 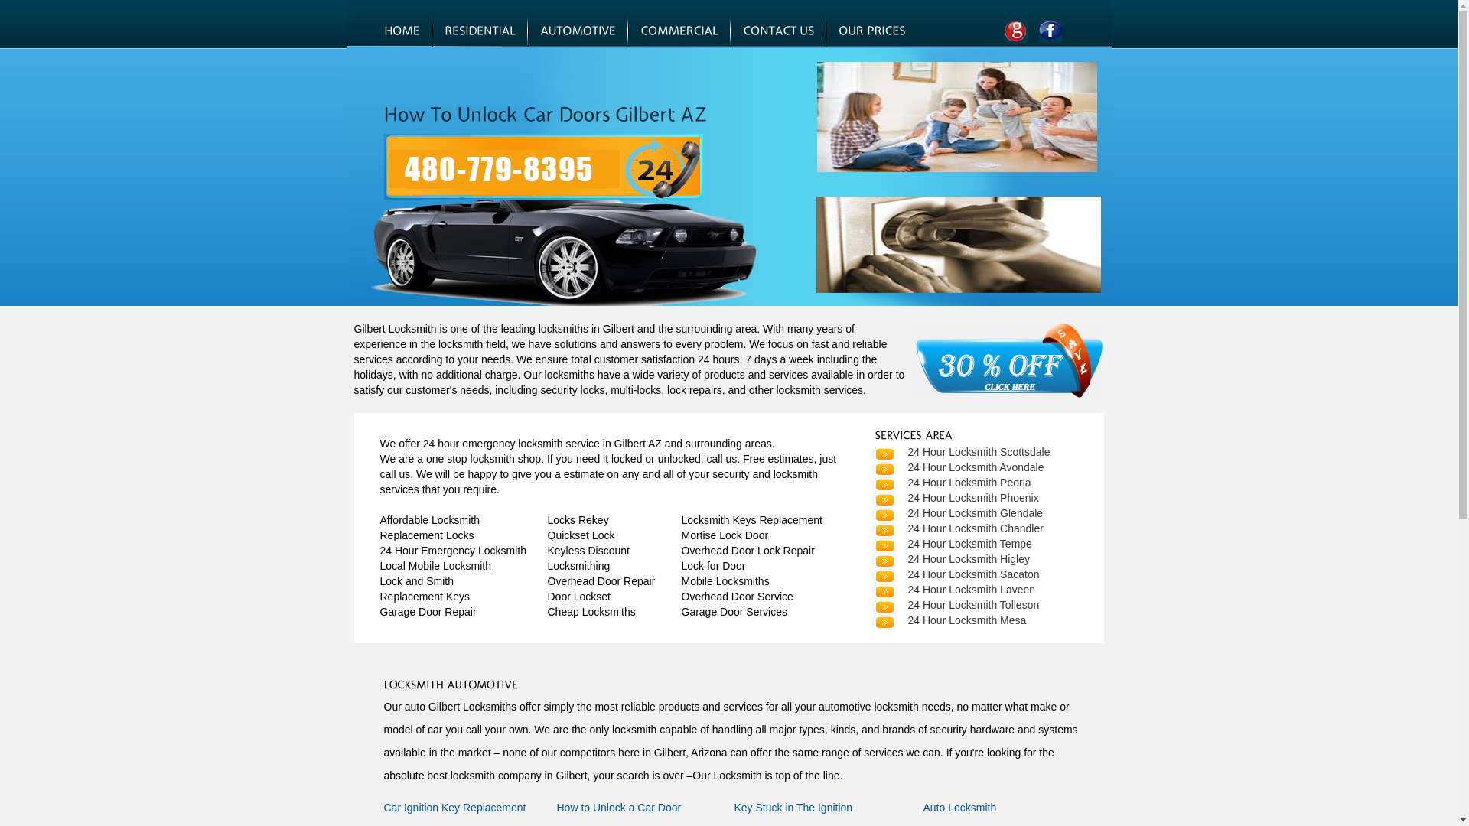 I want to click on '24 Hour Locksmith Avondale', so click(x=870, y=466).